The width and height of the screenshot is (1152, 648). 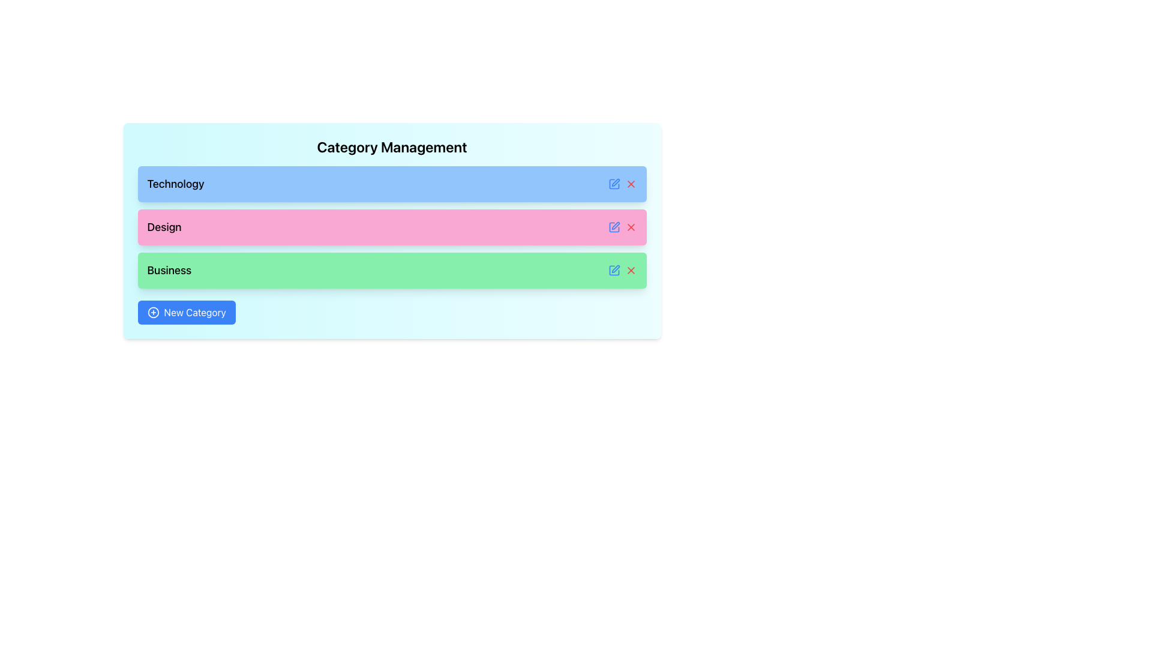 What do you see at coordinates (392, 231) in the screenshot?
I see `the interactive list item with action icons labeled 'Design', which is the second bar in a vertical list` at bounding box center [392, 231].